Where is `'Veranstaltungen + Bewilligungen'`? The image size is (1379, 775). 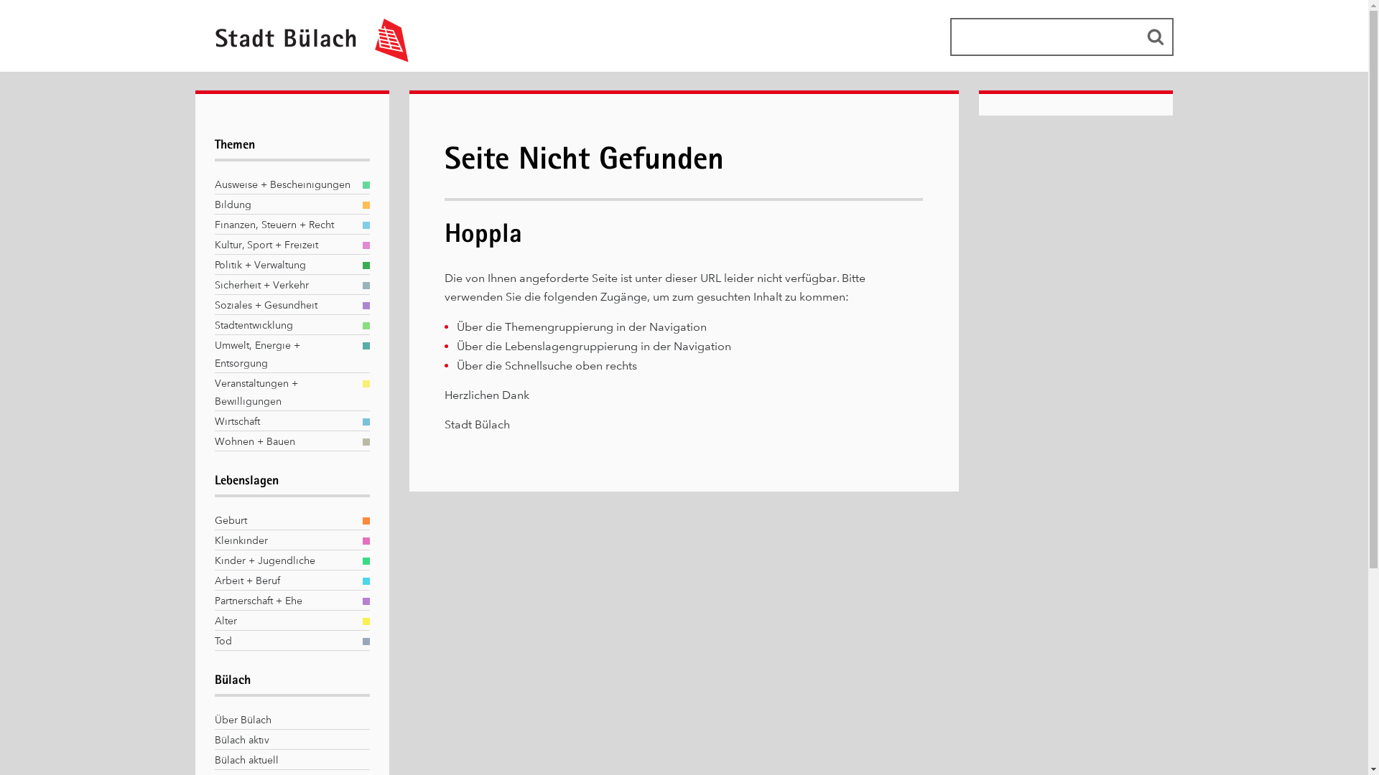 'Veranstaltungen + Bewilligungen' is located at coordinates (284, 393).